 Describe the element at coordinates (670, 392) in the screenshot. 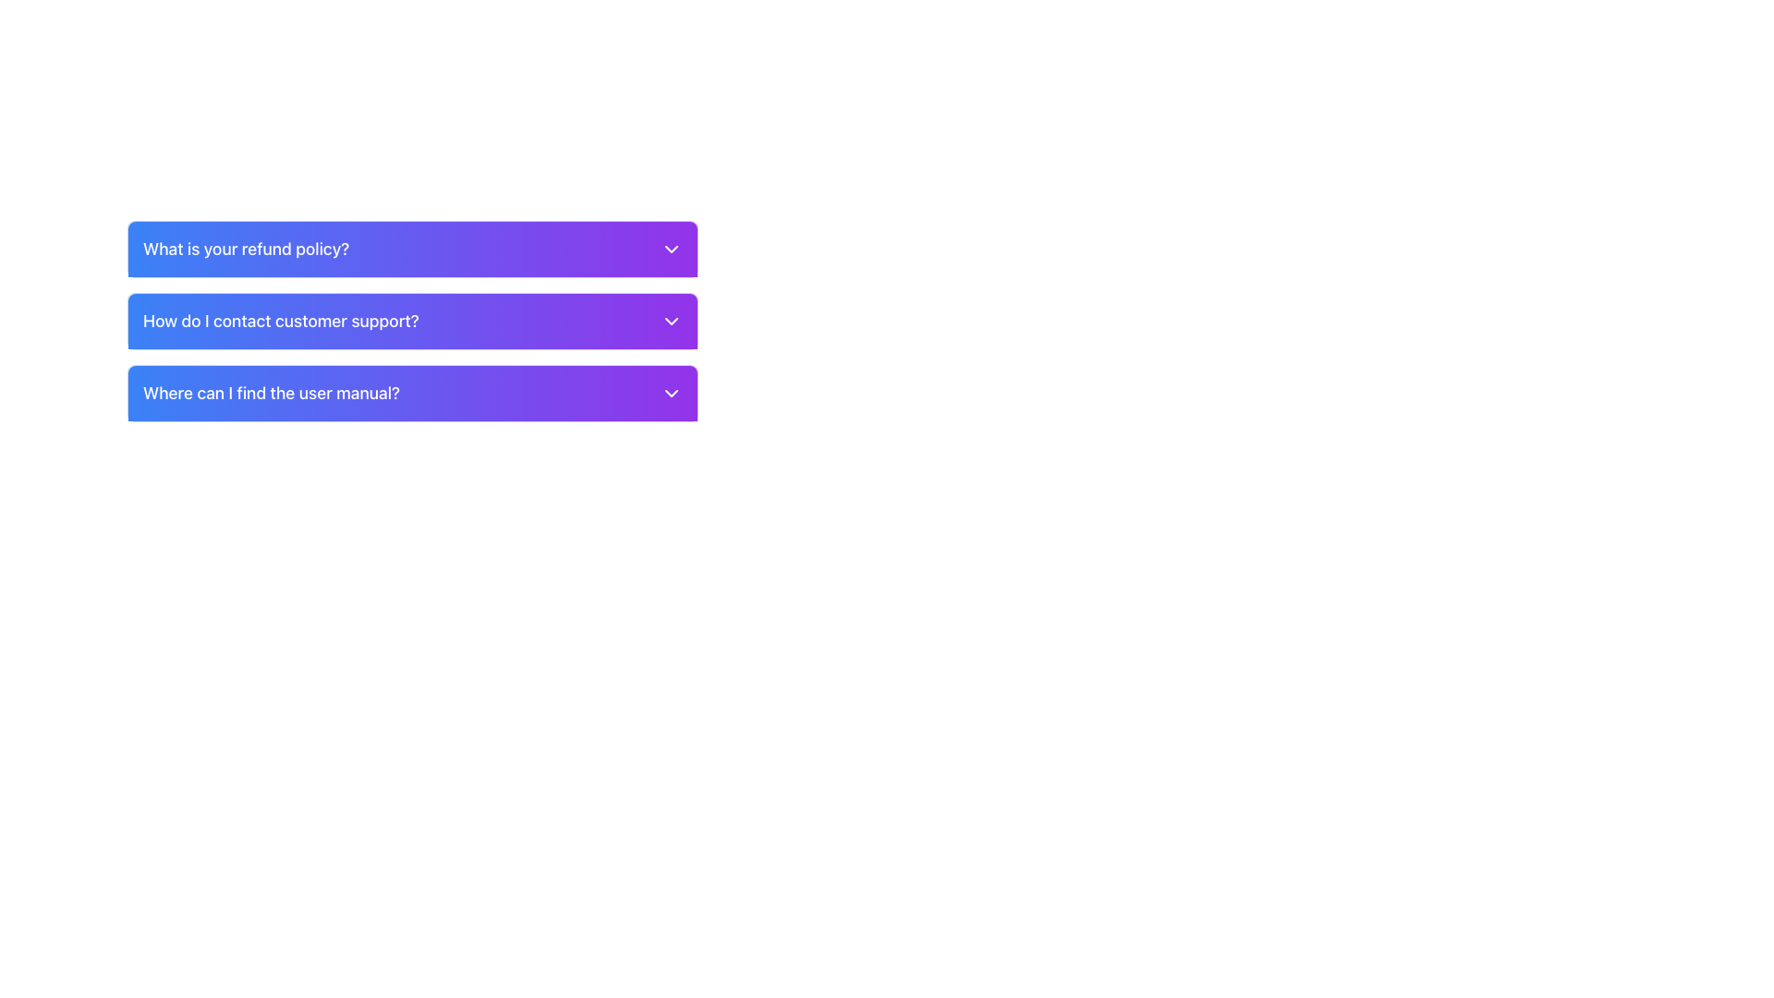

I see `the downward-pointing chevron icon, which is styled in white on a purple gradient background and located at the far right of the text area asking 'Where can I find the user manual?'` at that location.